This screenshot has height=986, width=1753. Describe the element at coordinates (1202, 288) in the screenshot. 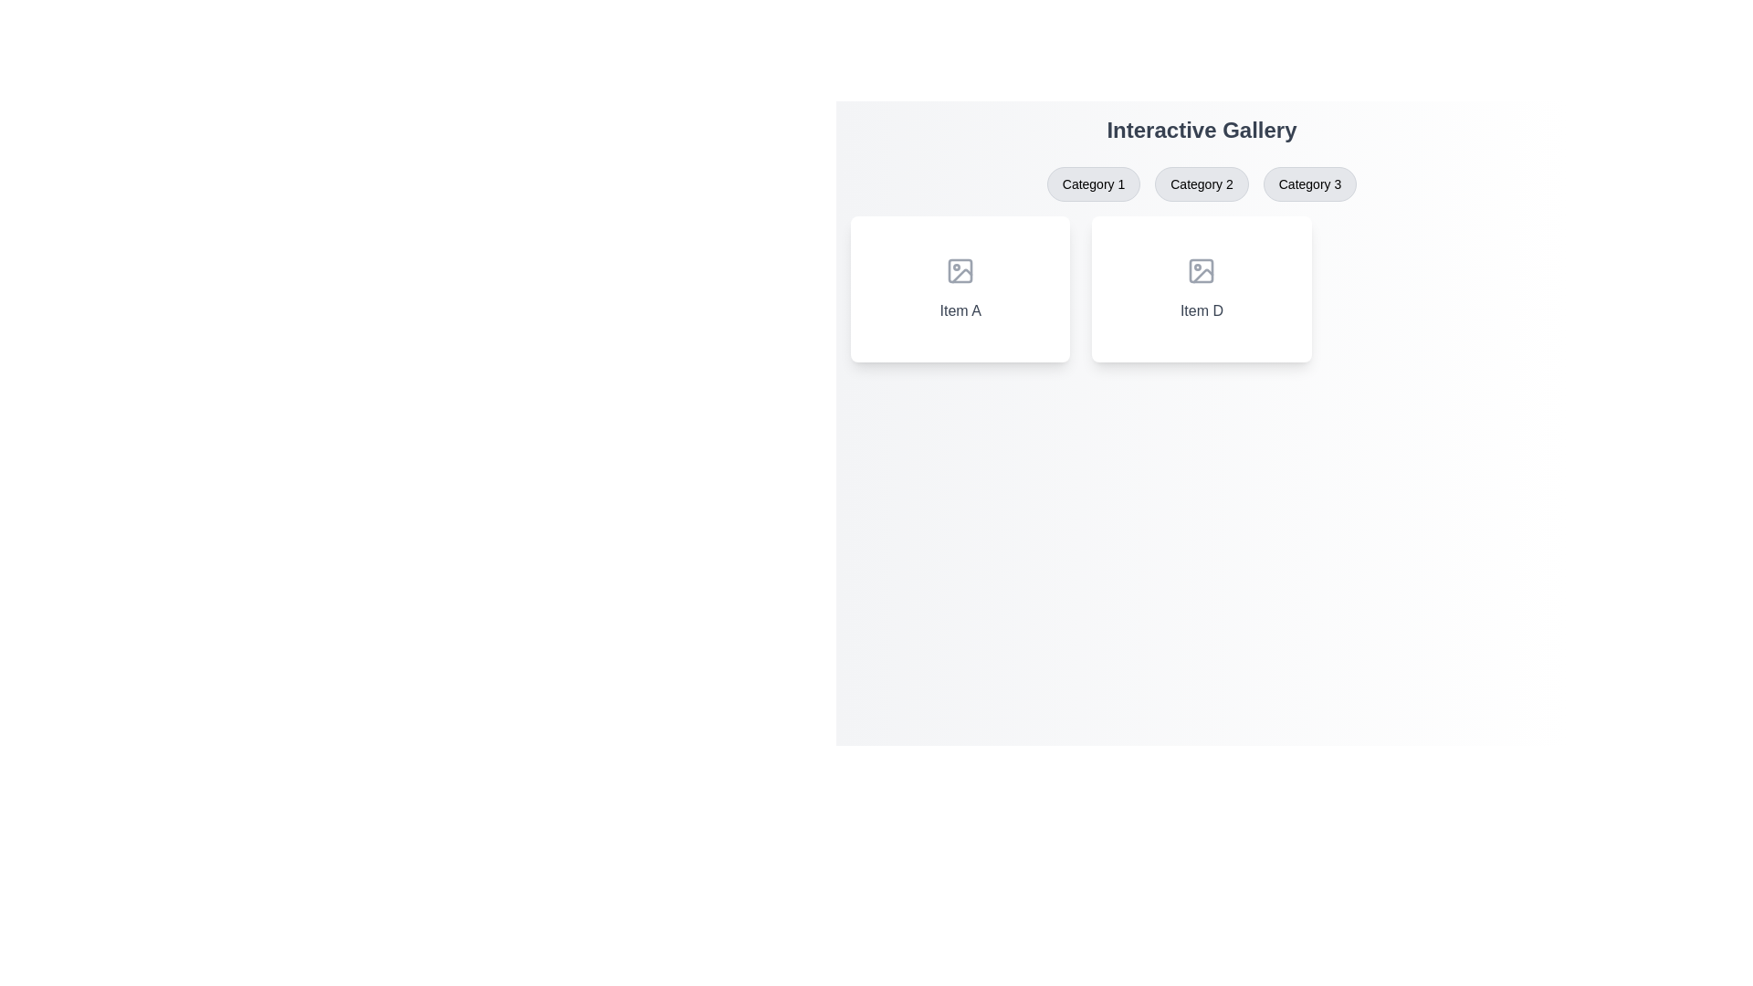

I see `the card component with a white background and the label 'Item D', which is the second card in the second column of the layout` at that location.